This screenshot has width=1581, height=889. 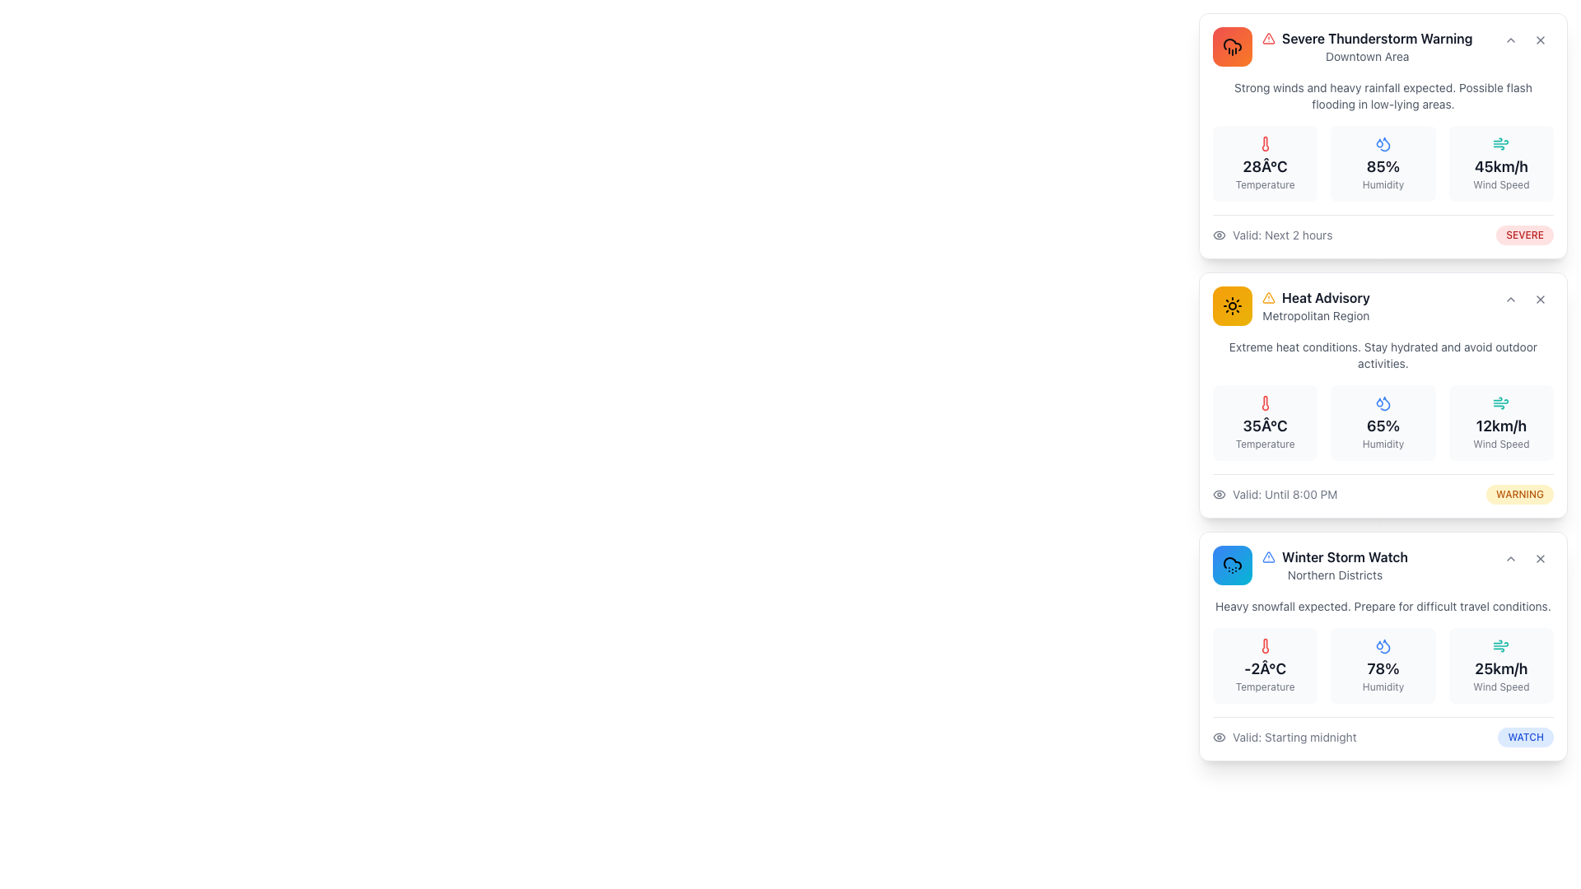 What do you see at coordinates (1540, 40) in the screenshot?
I see `the close button (an 'X' icon in gray) located in the top-right corner of the 'Severe Thunderstorm Warning' weather card` at bounding box center [1540, 40].